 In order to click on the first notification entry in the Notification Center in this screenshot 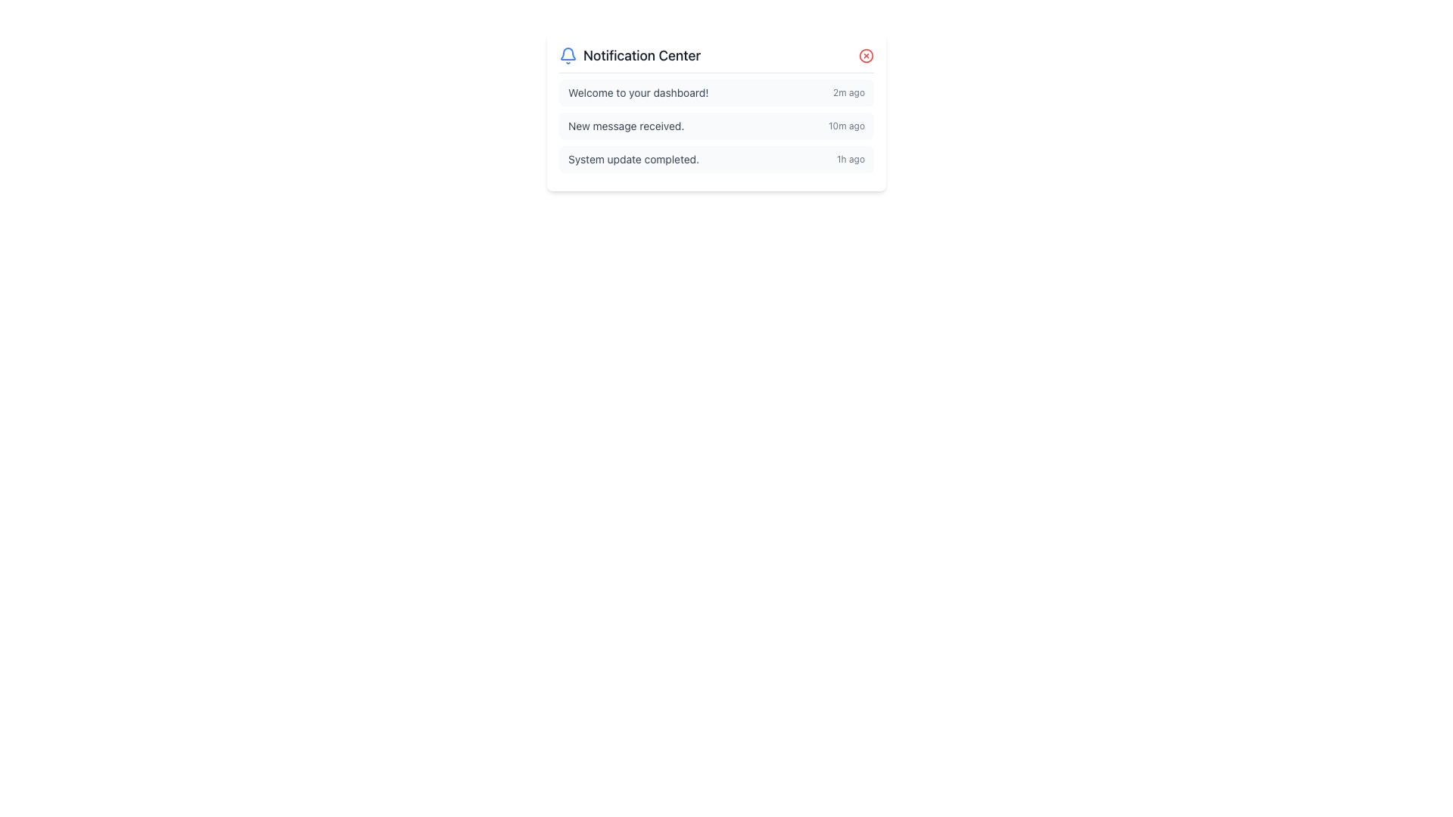, I will do `click(715, 93)`.